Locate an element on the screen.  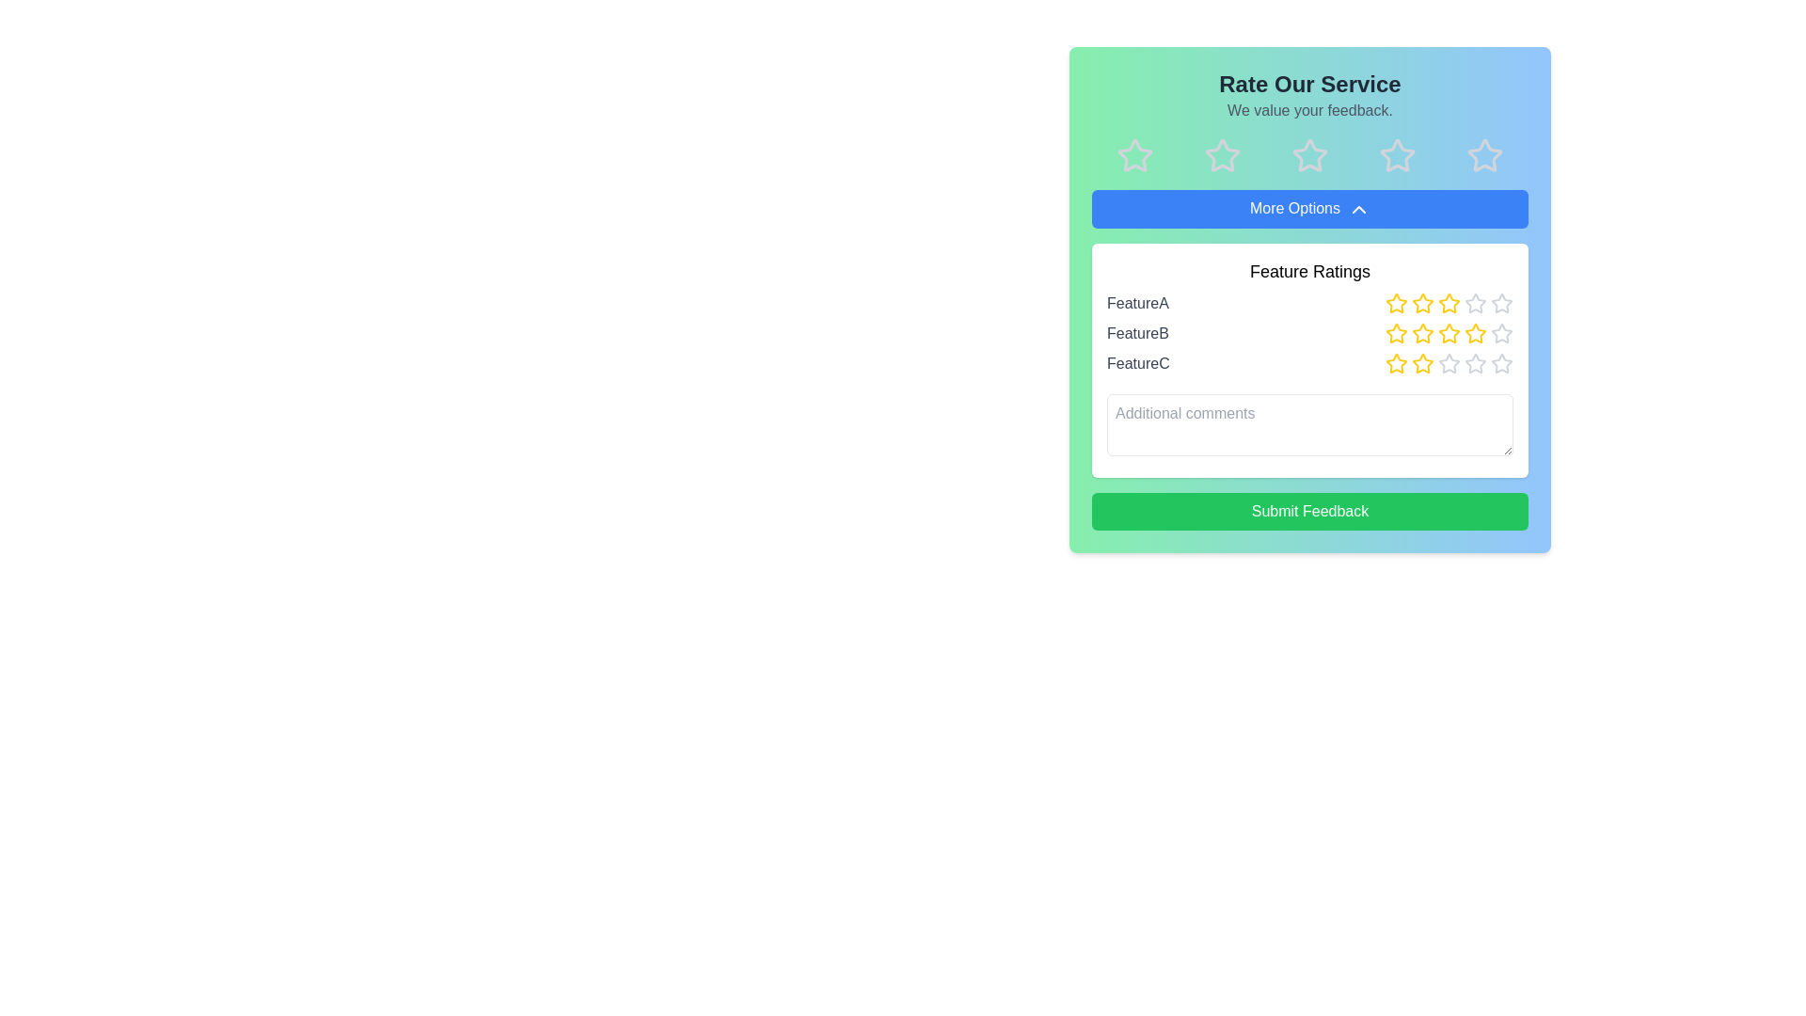
the fifth gray outlined star icon in the 'FeatureC' row of the 'Feature Ratings' section is located at coordinates (1475, 362).